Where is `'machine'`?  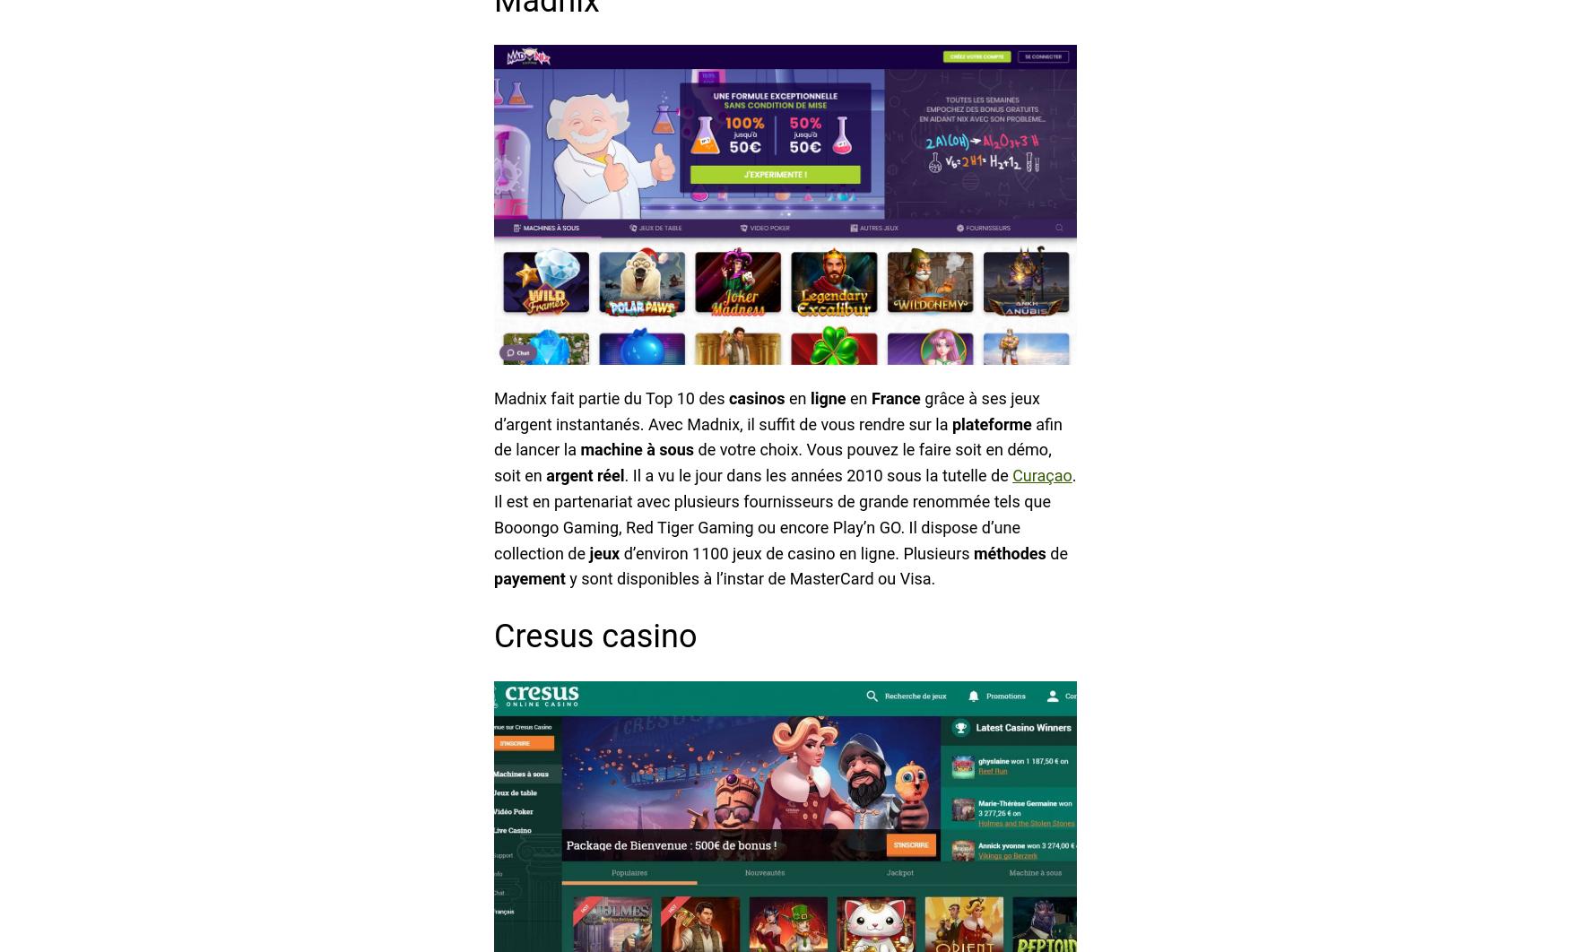
'machine' is located at coordinates (610, 448).